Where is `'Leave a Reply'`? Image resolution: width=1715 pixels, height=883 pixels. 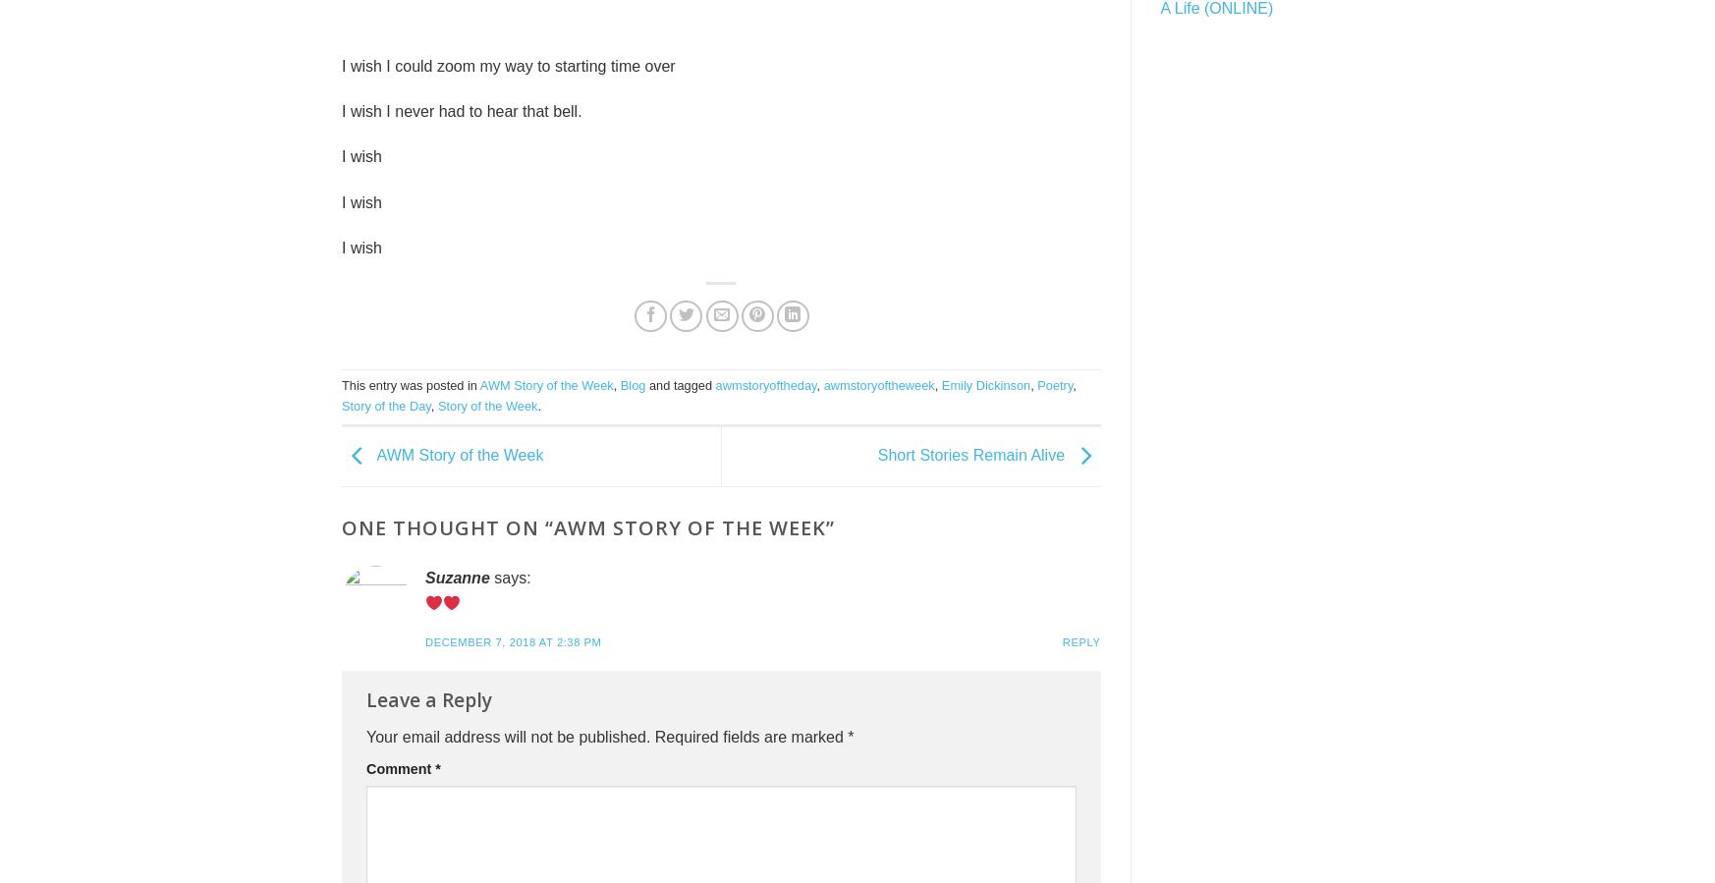 'Leave a Reply' is located at coordinates (364, 697).